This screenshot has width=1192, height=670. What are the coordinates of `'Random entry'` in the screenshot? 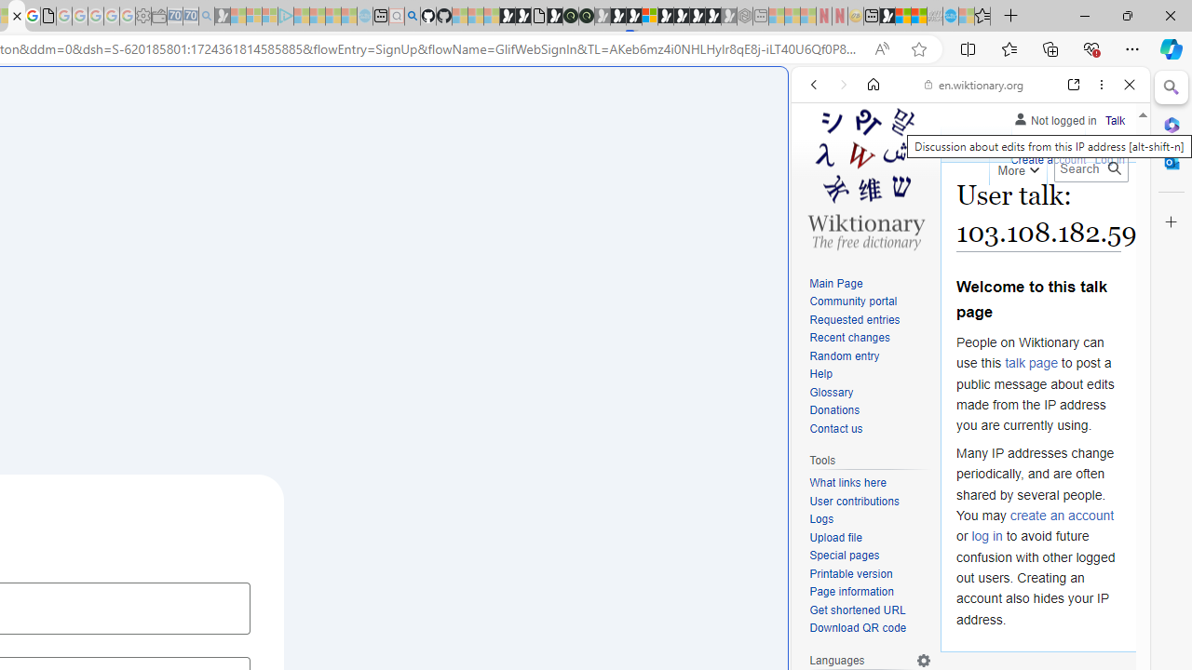 It's located at (870, 356).